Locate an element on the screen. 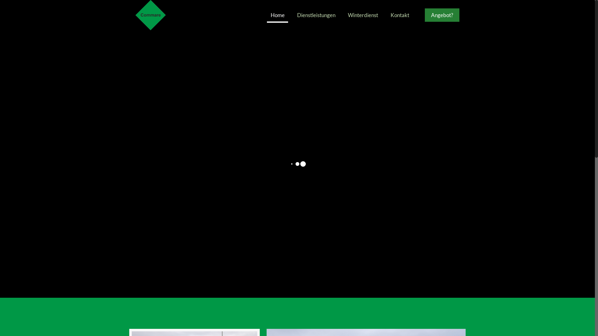 The width and height of the screenshot is (598, 336). 'Angebot?' is located at coordinates (442, 14).